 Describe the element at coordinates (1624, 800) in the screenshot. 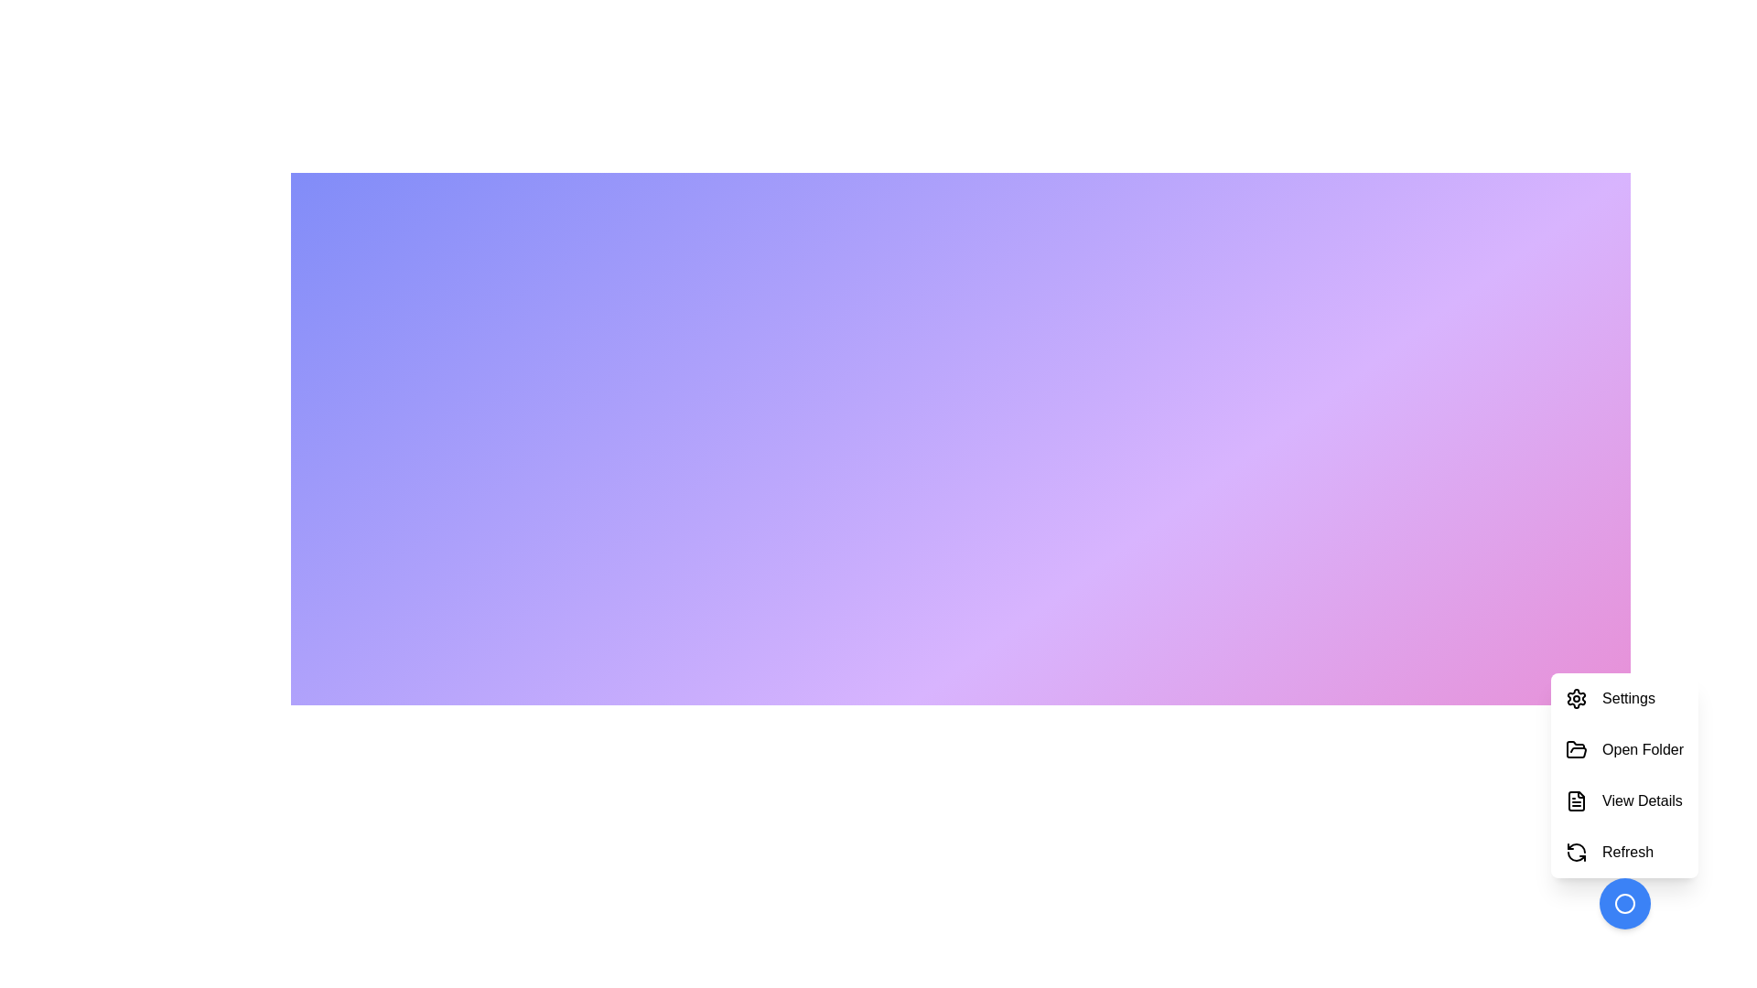

I see `the menu item labeled View Details` at that location.